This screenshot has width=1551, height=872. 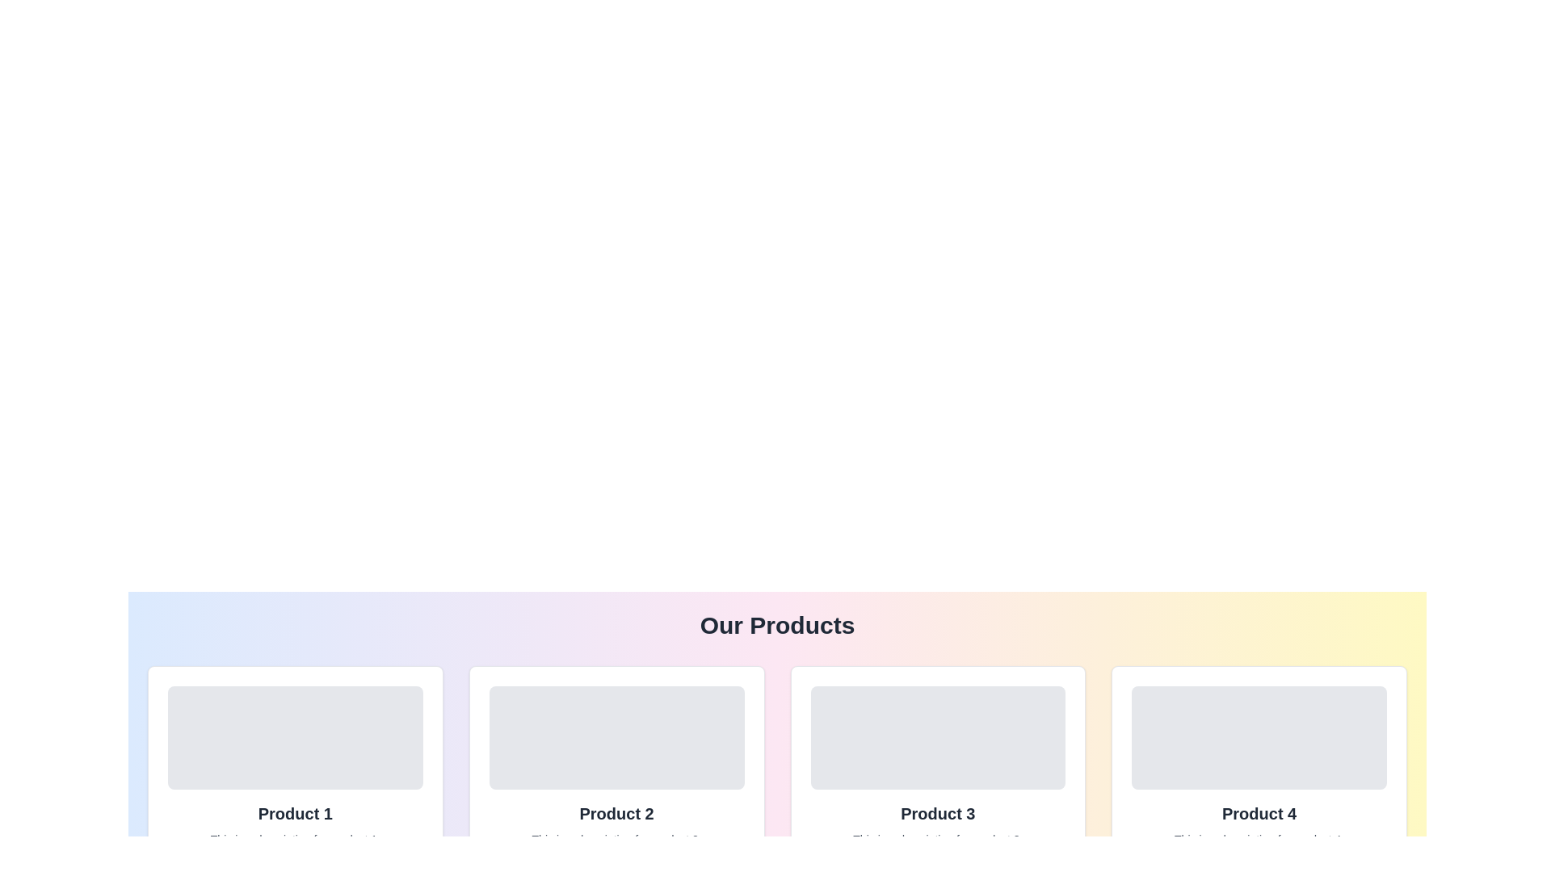 What do you see at coordinates (295, 738) in the screenshot?
I see `the Image Placeholder at the top of the product card for 'Product 1', which is located above the product name and description` at bounding box center [295, 738].